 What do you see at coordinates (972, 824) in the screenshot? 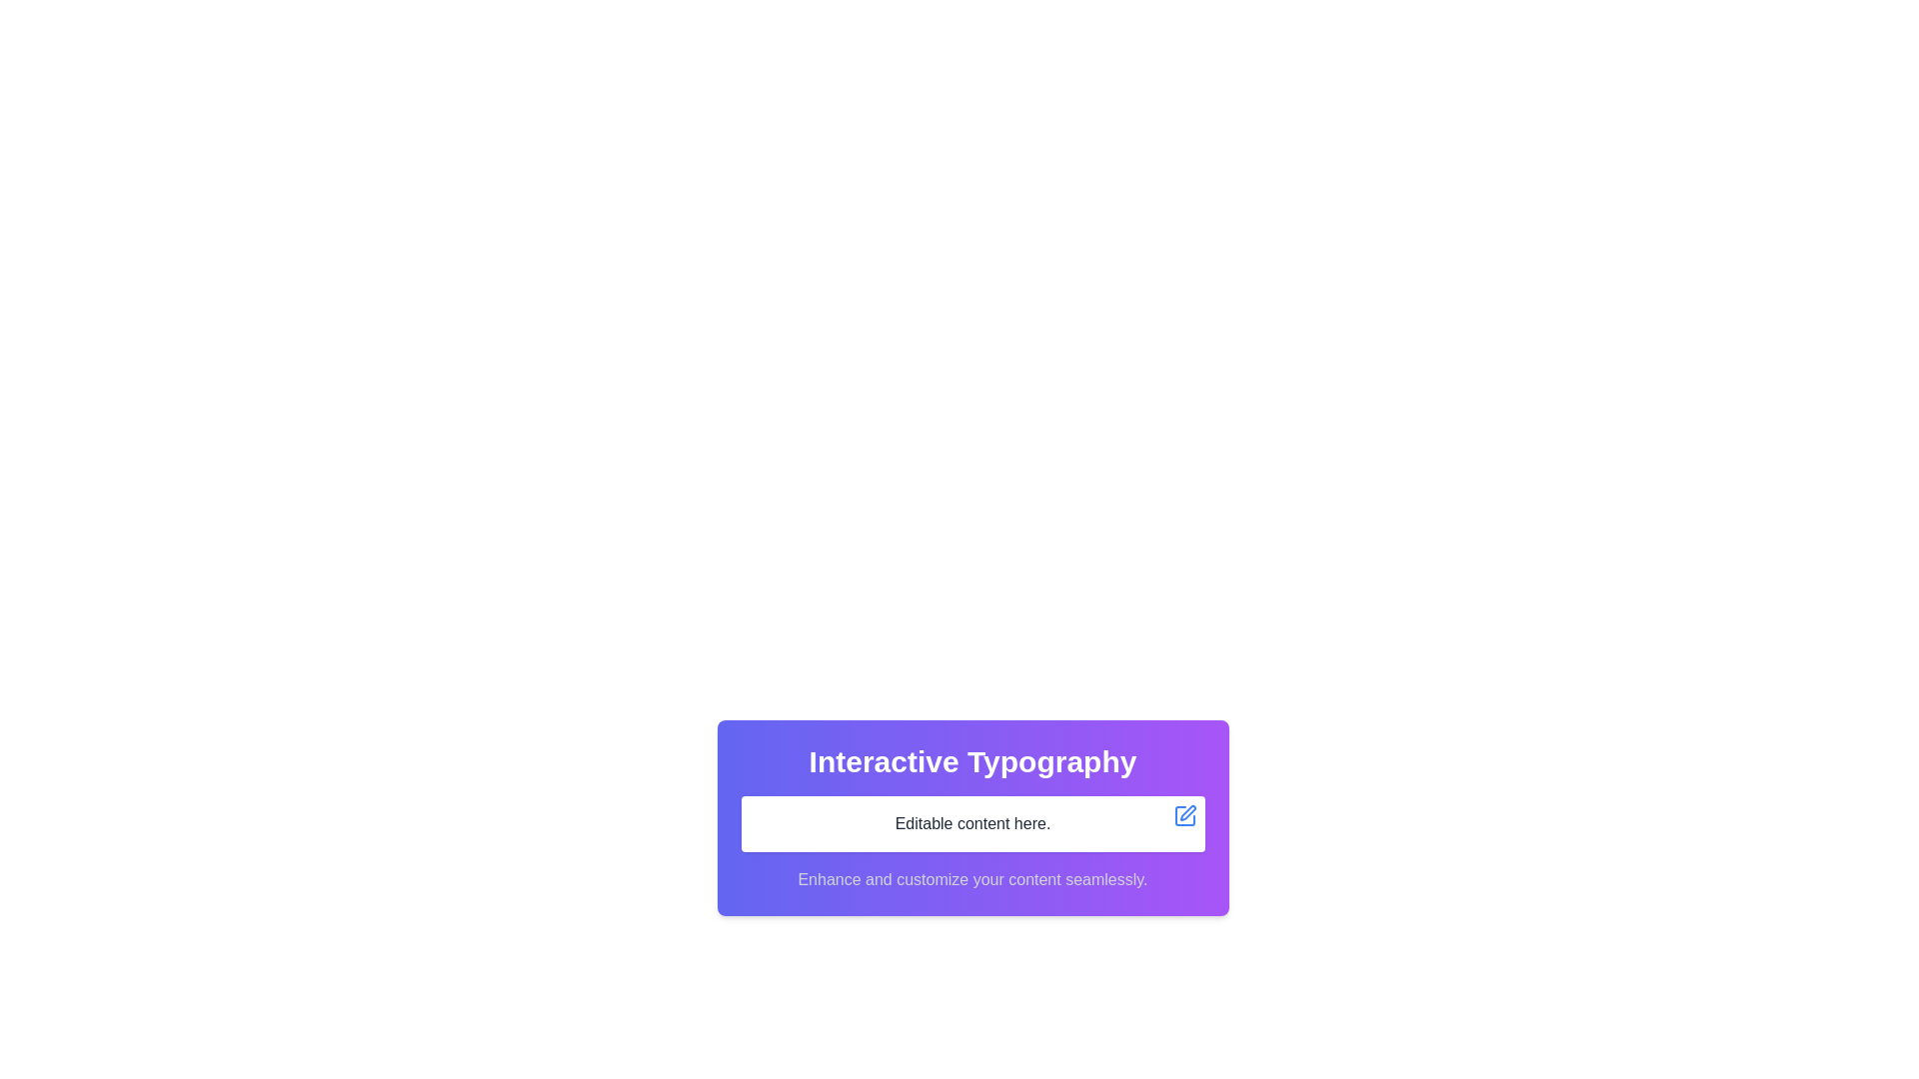
I see `on the Text Display/Editor element which shows 'Editable content here.'` at bounding box center [972, 824].